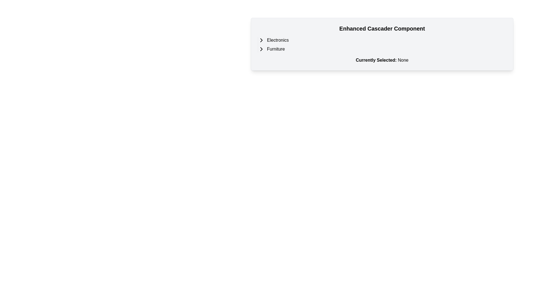 The width and height of the screenshot is (534, 300). I want to click on the 'Electronics' text label, so click(278, 40).